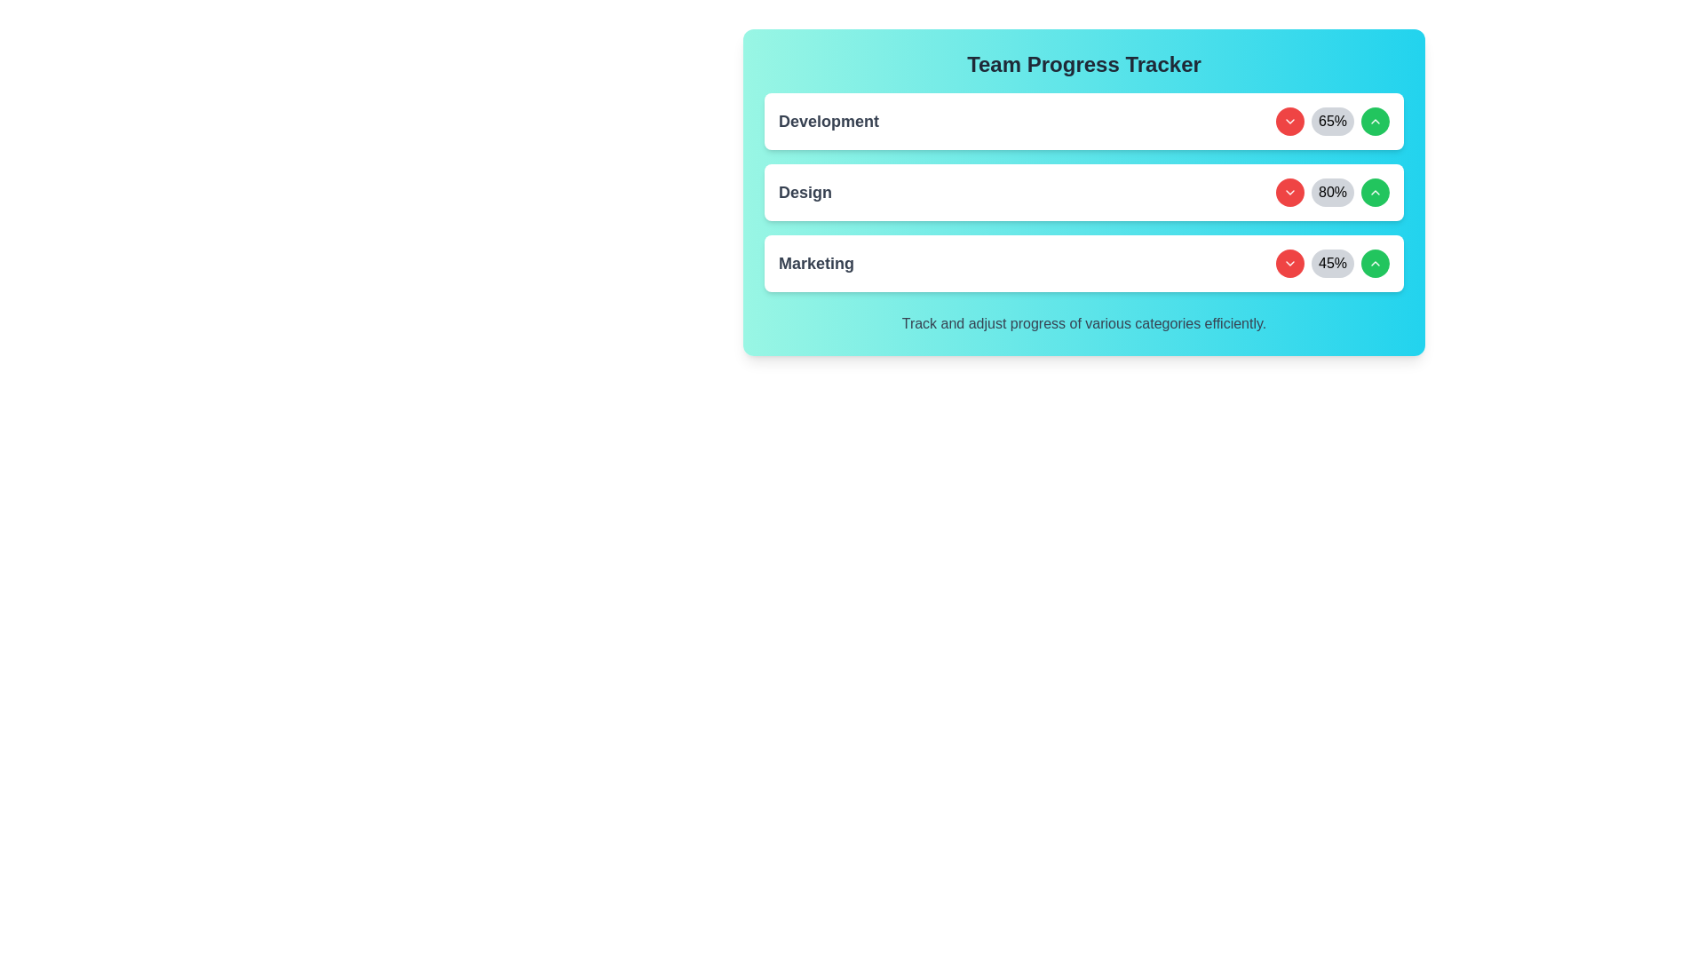  Describe the element at coordinates (1375, 192) in the screenshot. I see `the circular interactive button with an icon to increase the progress percentage for the 'Design' category in the tracker, located to the right of the percentage display ('80%')` at that location.